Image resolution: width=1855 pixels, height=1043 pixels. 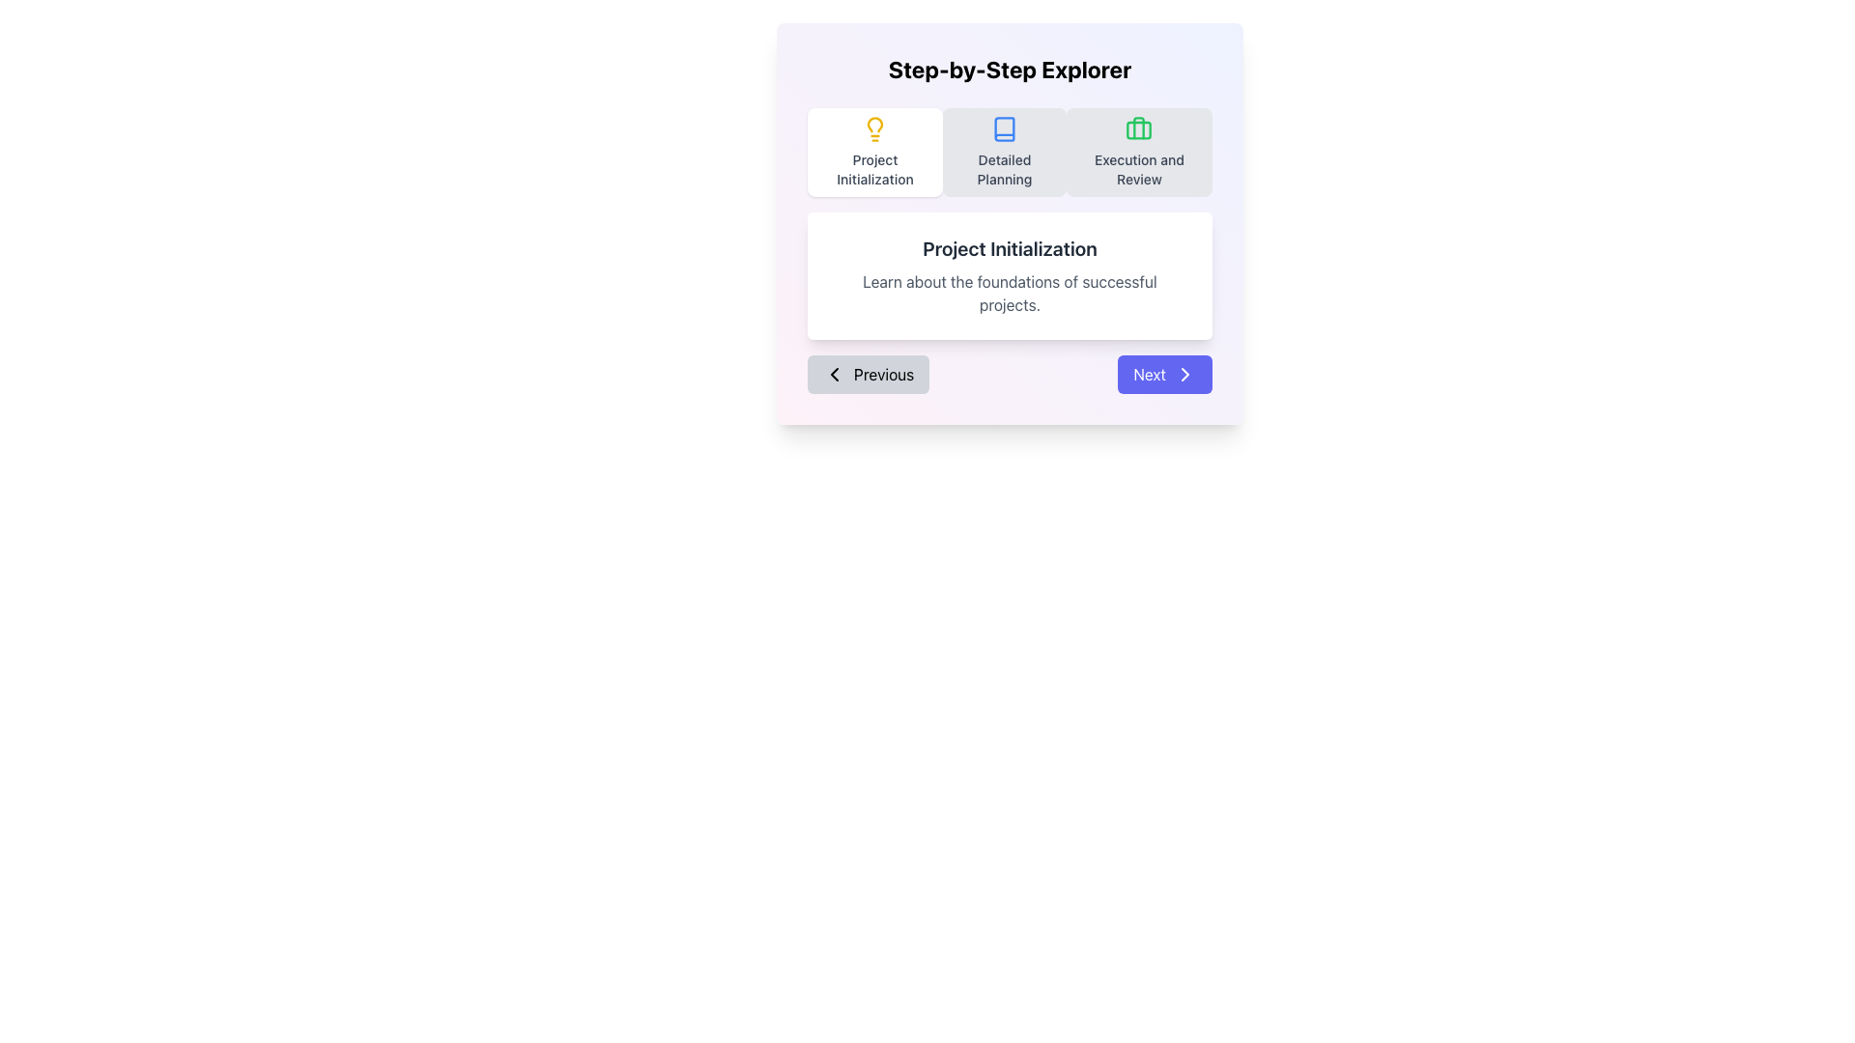 What do you see at coordinates (1139, 129) in the screenshot?
I see `the icon representing 'Execution and Review' located in the upper portion of the corresponding button, situated towards the top-right of the interface` at bounding box center [1139, 129].